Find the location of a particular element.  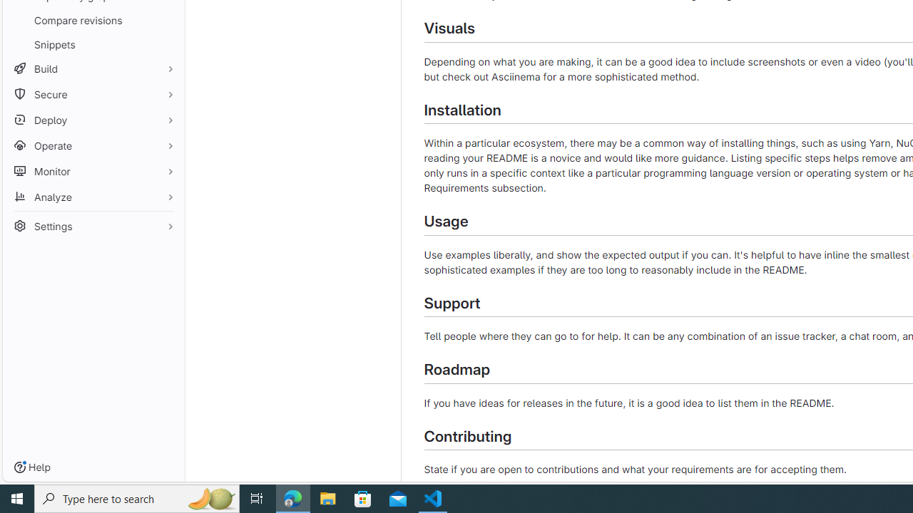

'Analyze' is located at coordinates (93, 197).